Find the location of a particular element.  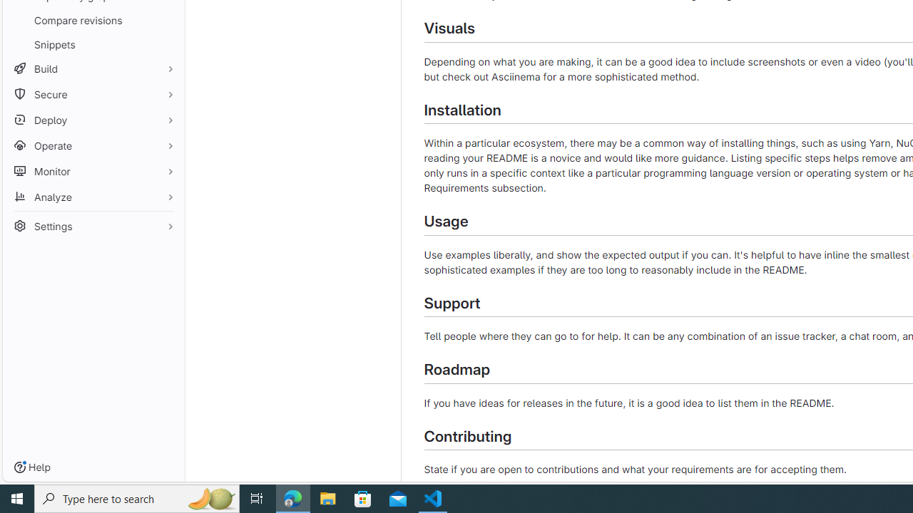

'Analyze' is located at coordinates (93, 197).